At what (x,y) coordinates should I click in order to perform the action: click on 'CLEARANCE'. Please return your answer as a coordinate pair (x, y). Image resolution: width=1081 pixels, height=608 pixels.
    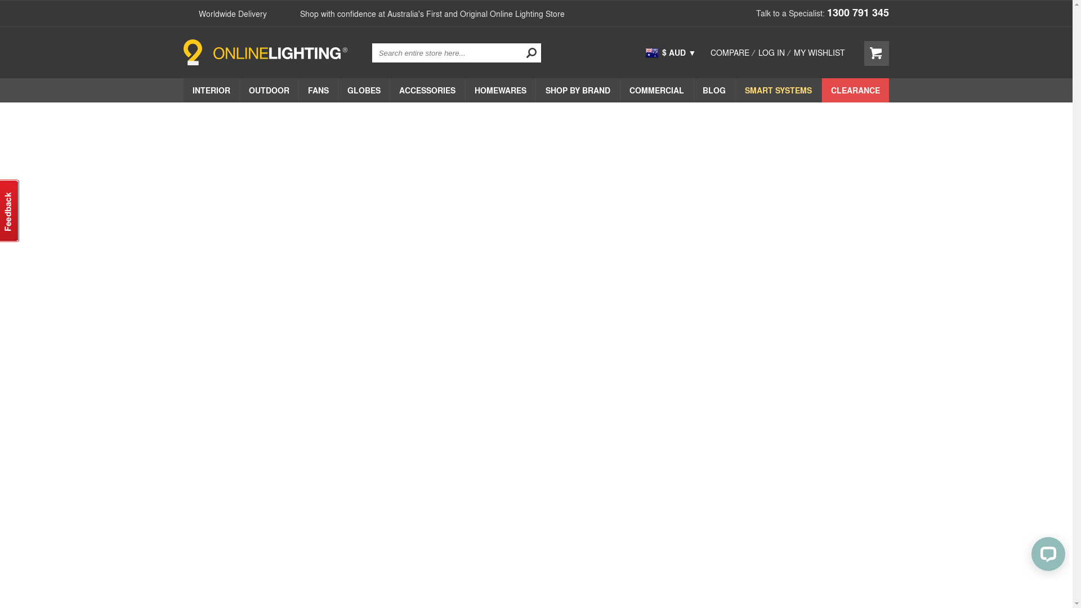
    Looking at the image, I should click on (821, 90).